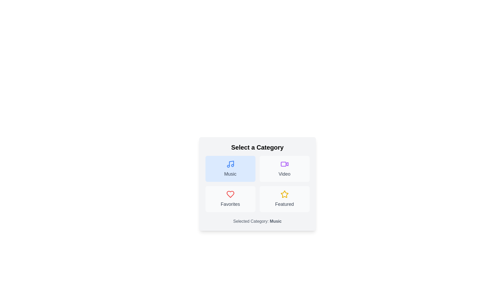 Image resolution: width=500 pixels, height=281 pixels. What do you see at coordinates (284, 199) in the screenshot?
I see `the category Featured by clicking on its button` at bounding box center [284, 199].